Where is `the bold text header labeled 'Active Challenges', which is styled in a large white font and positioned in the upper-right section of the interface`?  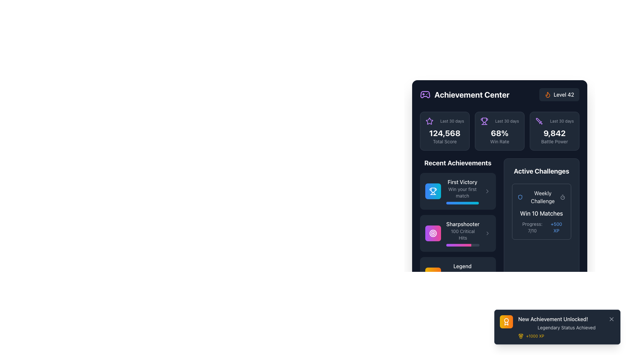
the bold text header labeled 'Active Challenges', which is styled in a large white font and positioned in the upper-right section of the interface is located at coordinates (541, 171).